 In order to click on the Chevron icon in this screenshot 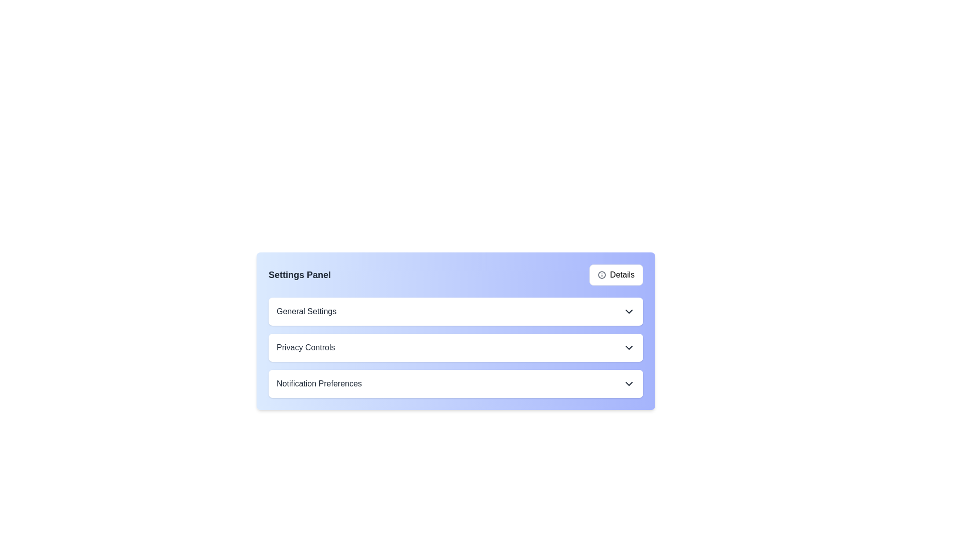, I will do `click(628, 311)`.